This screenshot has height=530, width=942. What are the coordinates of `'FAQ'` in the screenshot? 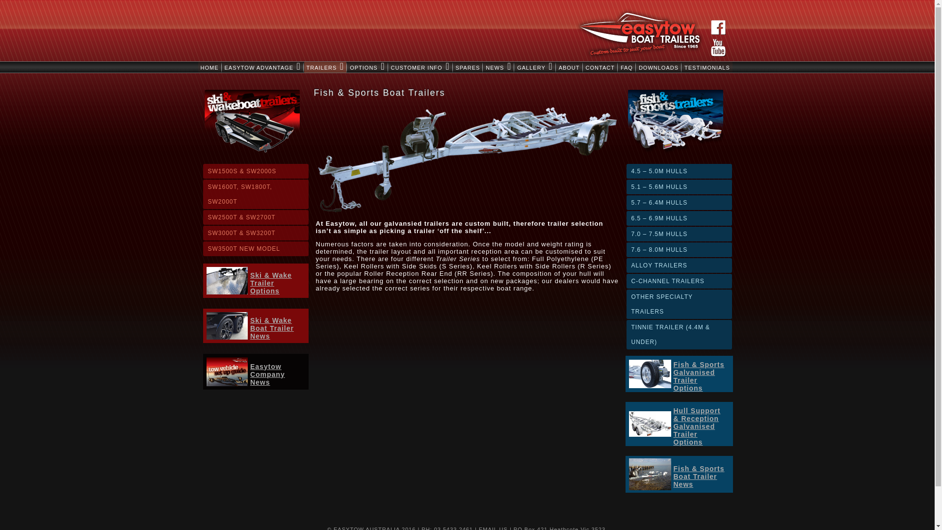 It's located at (617, 67).